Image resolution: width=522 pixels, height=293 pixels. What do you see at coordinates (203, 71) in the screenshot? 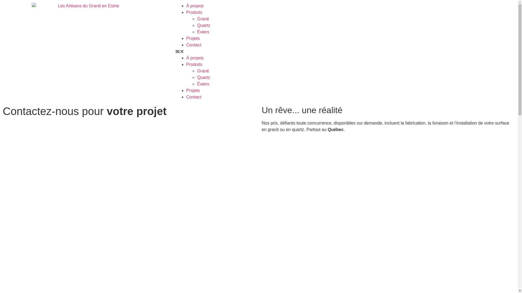
I see `'Granit'` at bounding box center [203, 71].